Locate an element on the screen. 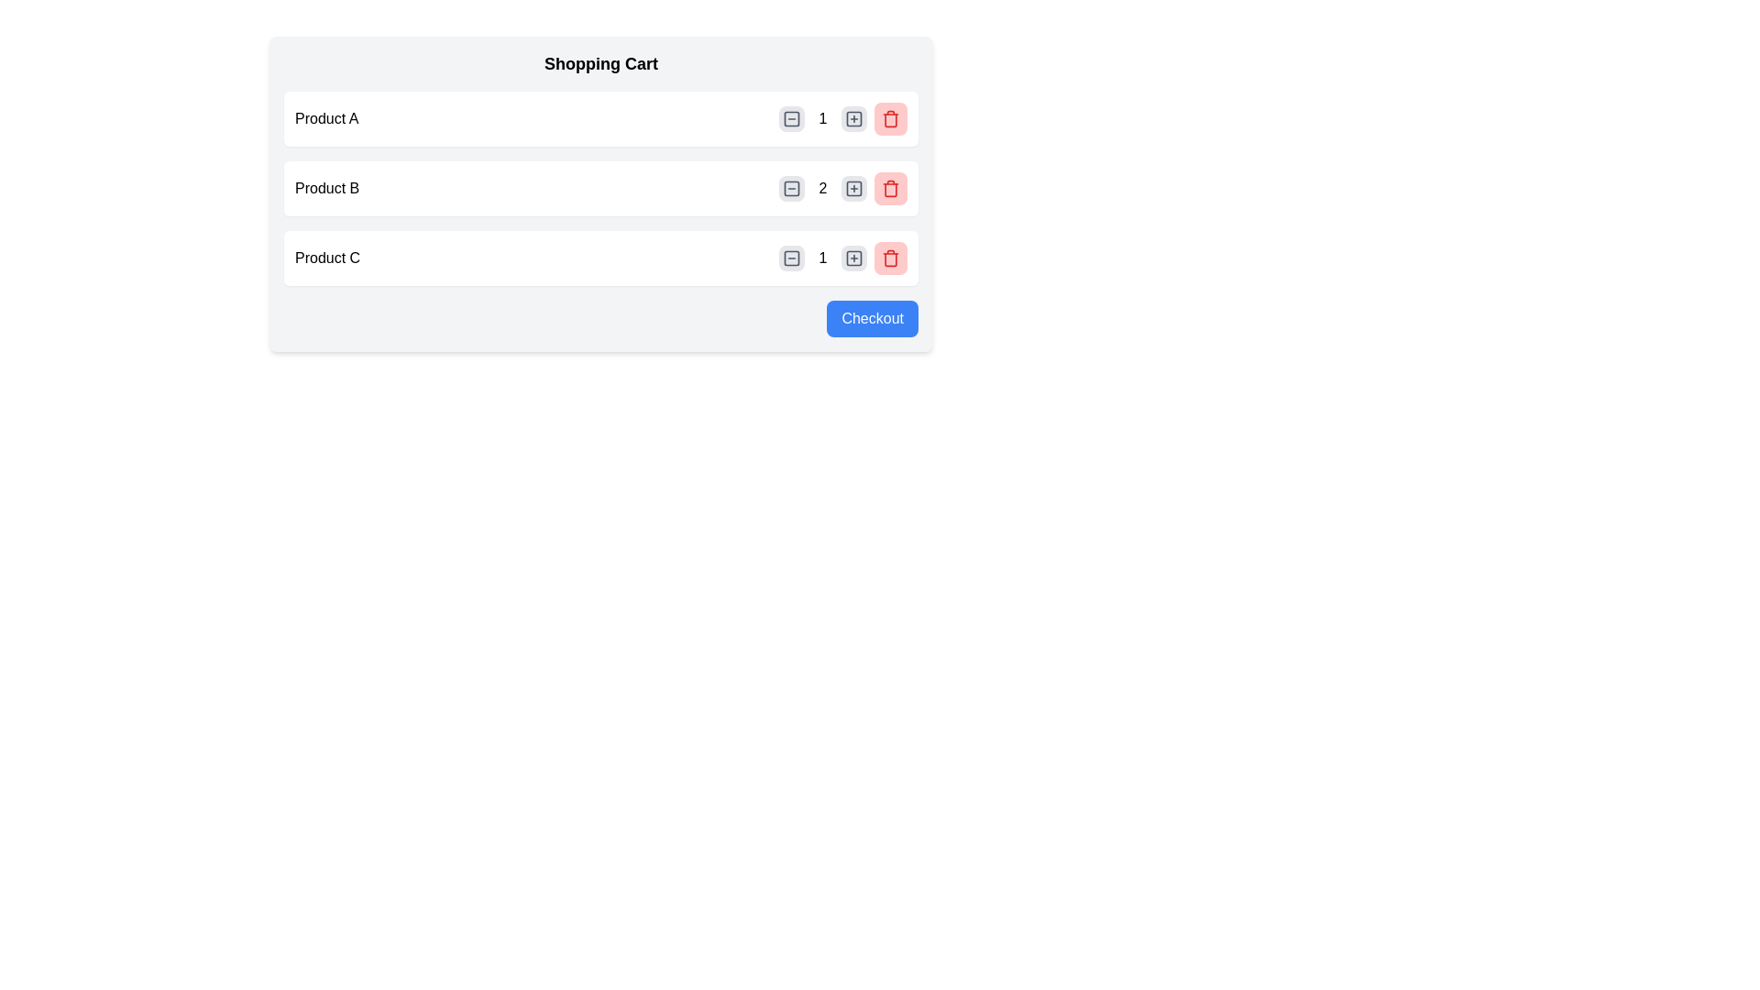  the icon button that reduces the quantity of 'Product C' in the cart is located at coordinates (792, 258).